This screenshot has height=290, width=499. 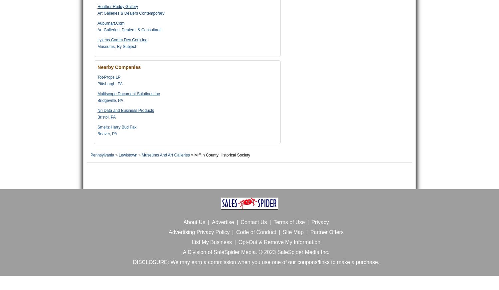 I want to click on 'Smeltz Harry Bud Fax', so click(x=97, y=127).